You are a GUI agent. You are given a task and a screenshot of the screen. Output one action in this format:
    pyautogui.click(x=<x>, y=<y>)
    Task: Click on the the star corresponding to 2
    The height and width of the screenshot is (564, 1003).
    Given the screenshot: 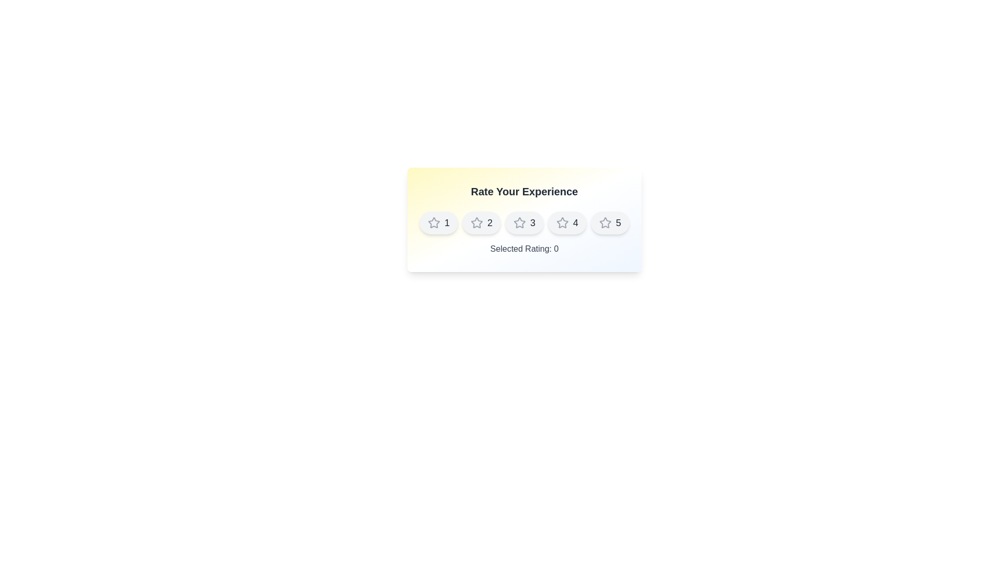 What is the action you would take?
    pyautogui.click(x=481, y=222)
    